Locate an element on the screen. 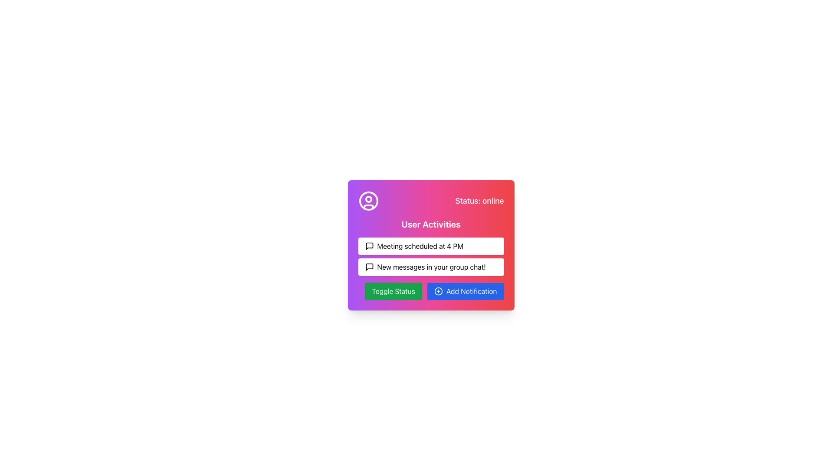 The height and width of the screenshot is (469, 833). the text element that reads 'New messages in your group chat!' located centrally towards the bottom half of the user interface, within the list of user activity notifications is located at coordinates (431, 266).